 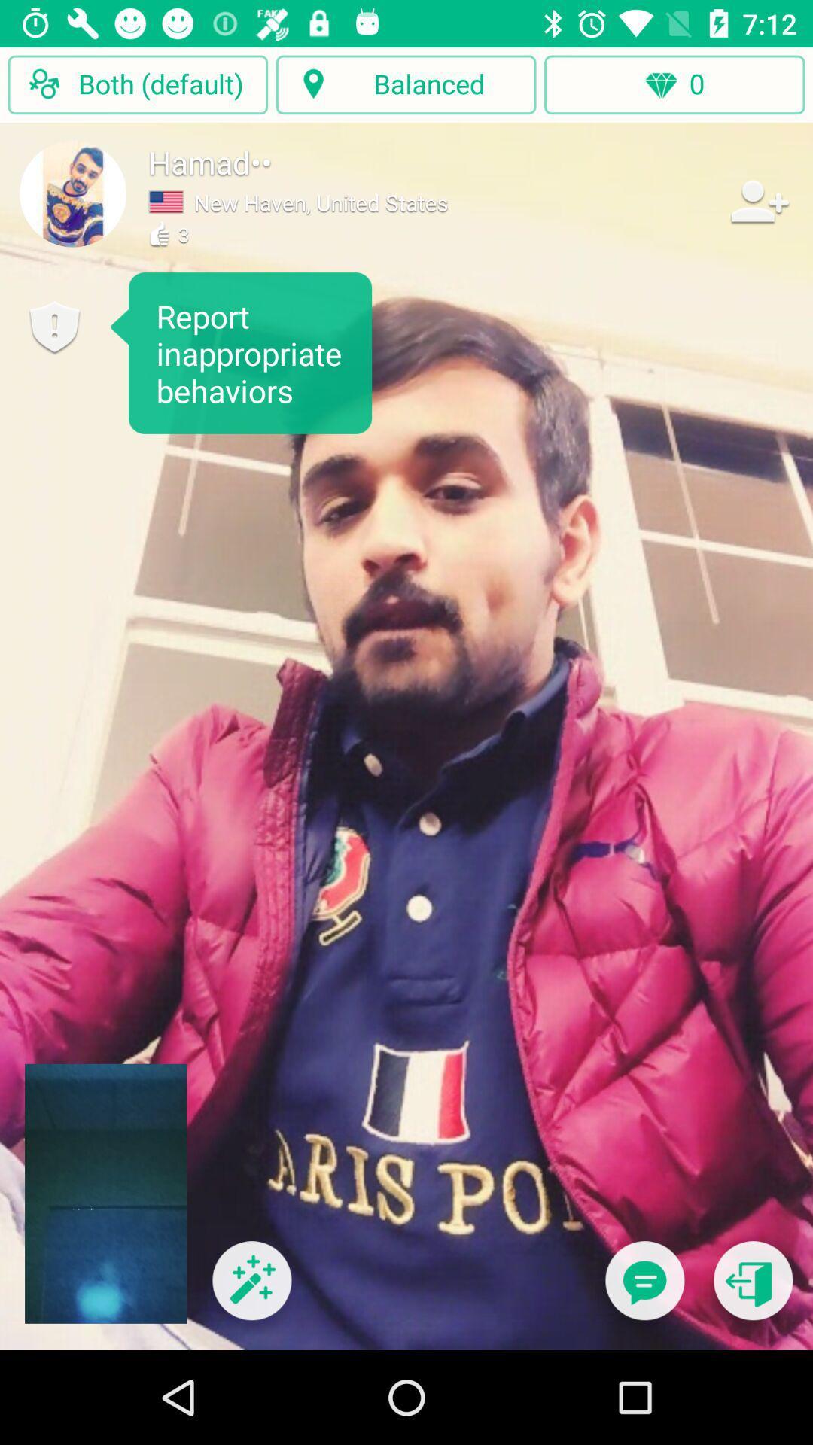 I want to click on send message, so click(x=644, y=1289).